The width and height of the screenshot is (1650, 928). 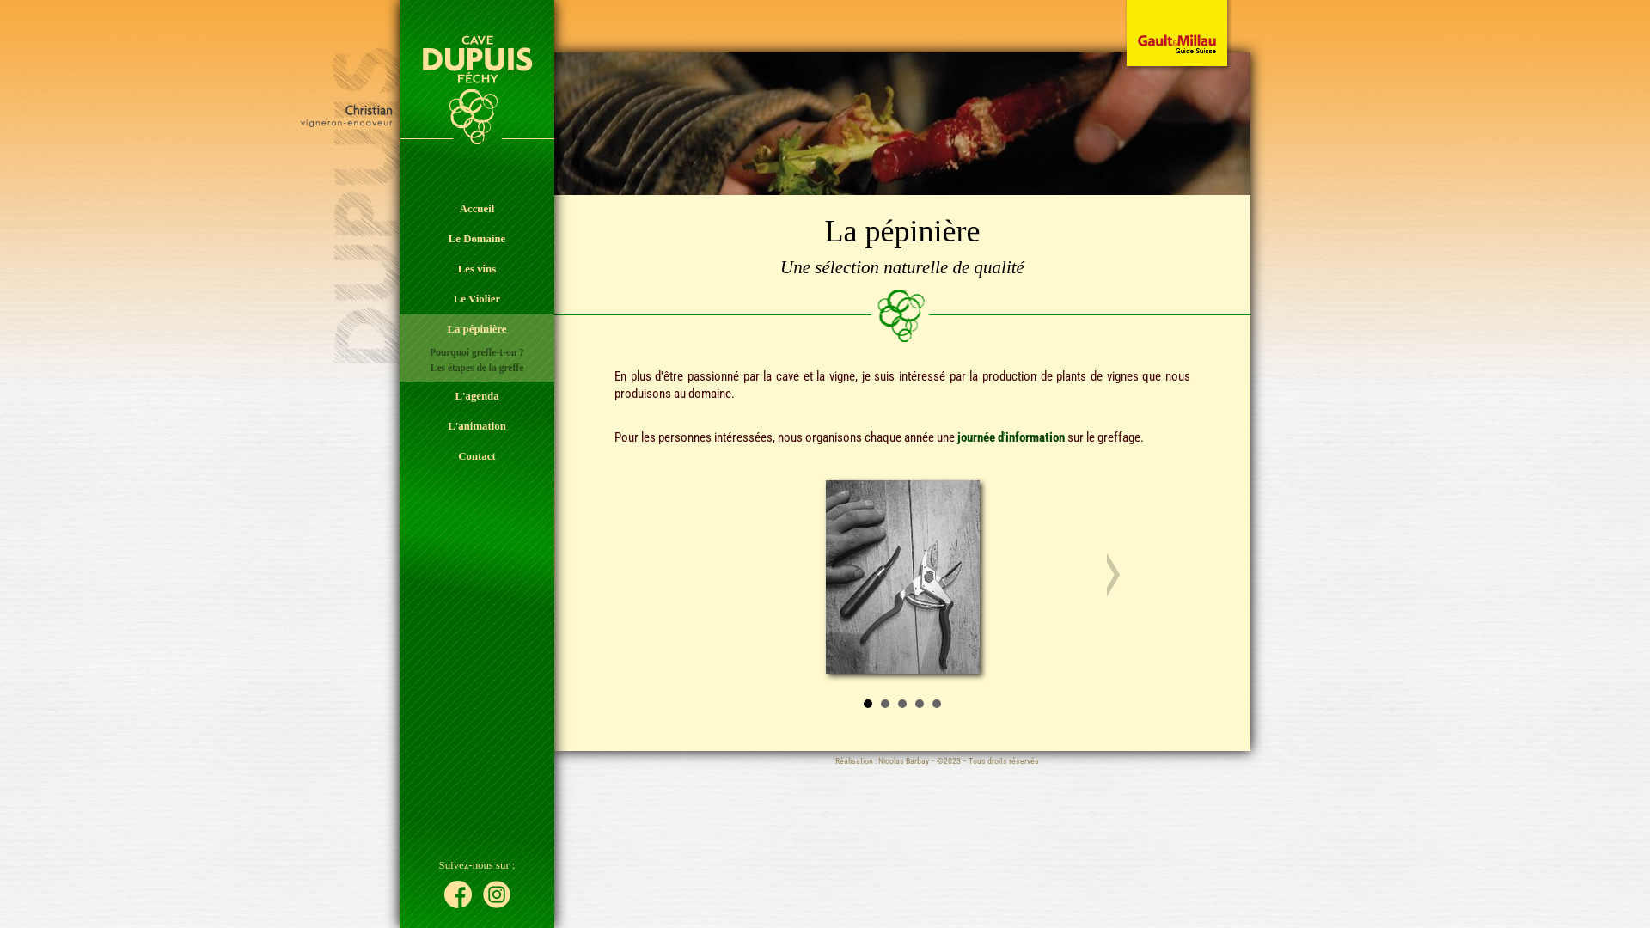 I want to click on 'Le Violier', so click(x=477, y=298).